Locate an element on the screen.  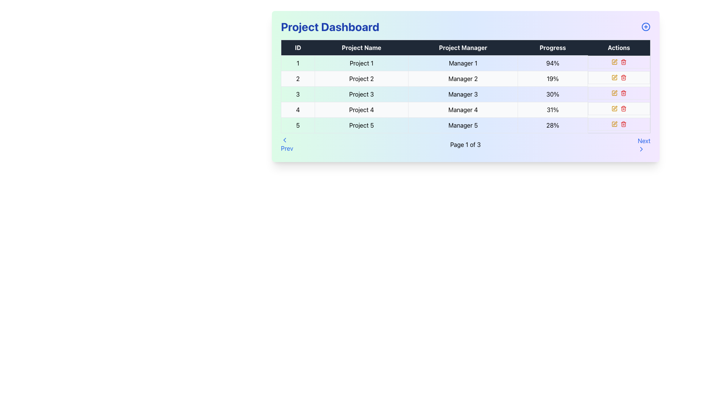
the static text label displaying the project manager's name for 'Project 1' located in the table at the intersection of the corresponding row and the column labeled 'Project Manager' is located at coordinates (463, 62).